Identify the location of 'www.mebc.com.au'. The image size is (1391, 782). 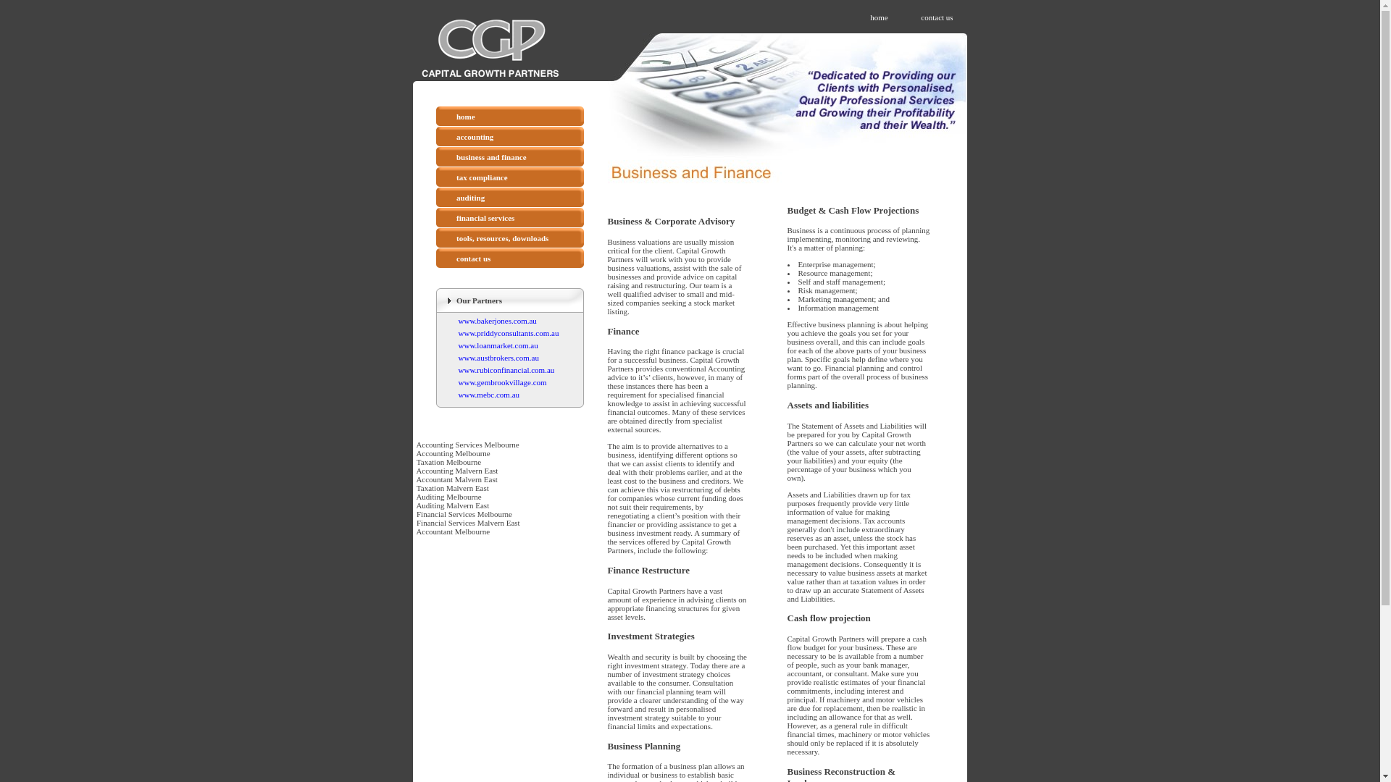
(488, 394).